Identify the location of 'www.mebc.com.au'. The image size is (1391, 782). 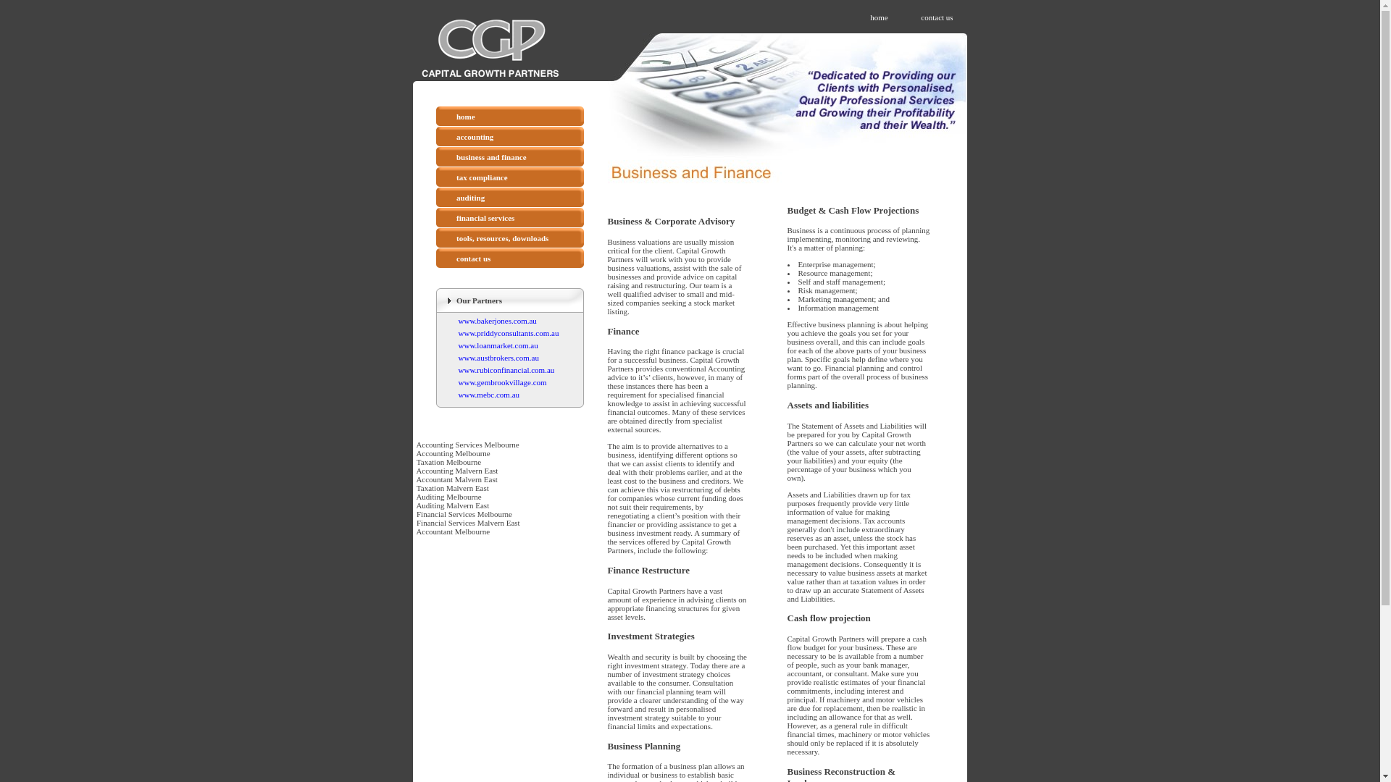
(488, 394).